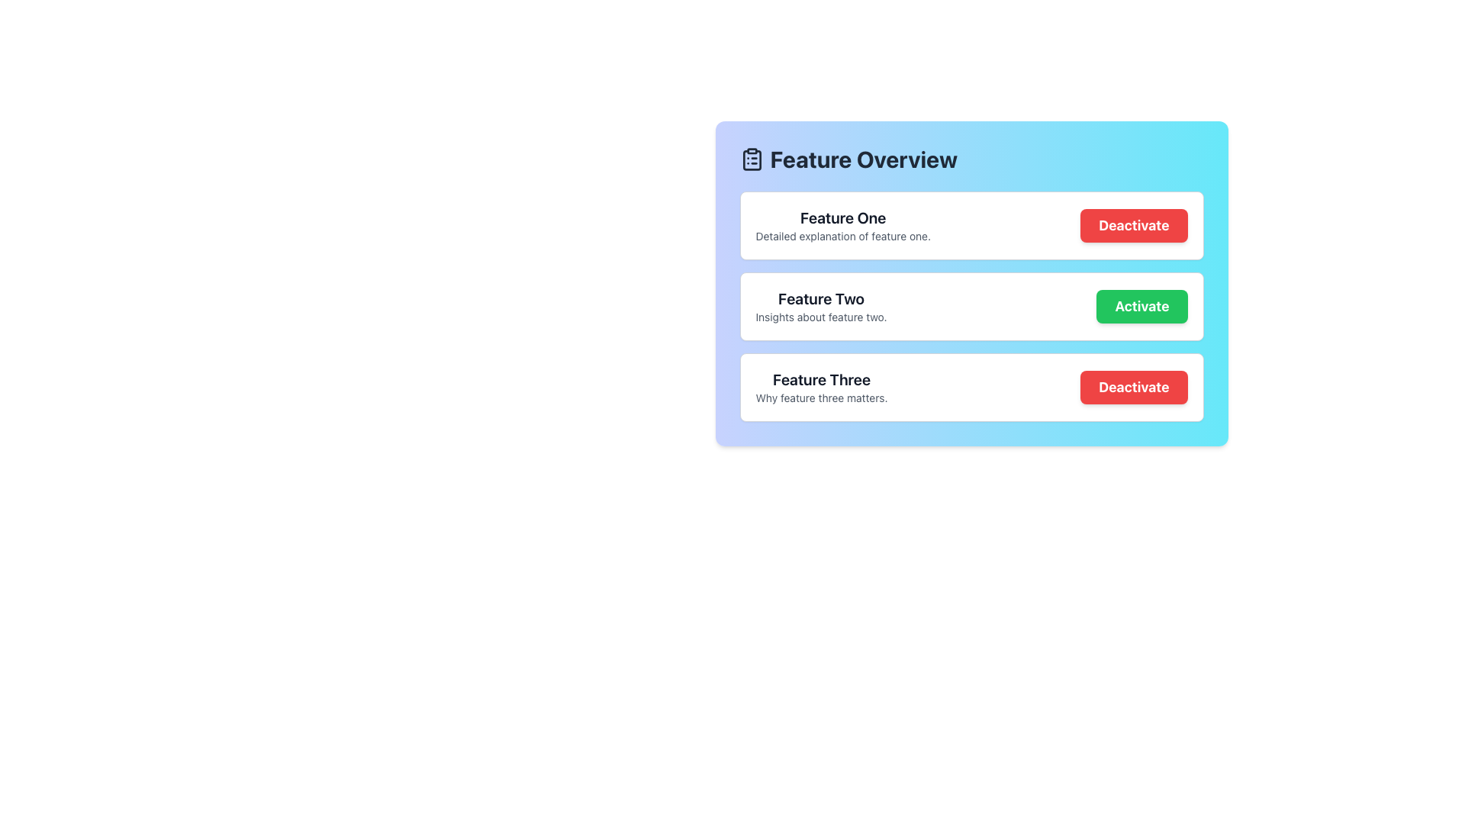  What do you see at coordinates (842, 217) in the screenshot?
I see `the text label that contains the words 'Feature One', which is styled in bold and larger font, indicating it is a headline or title` at bounding box center [842, 217].